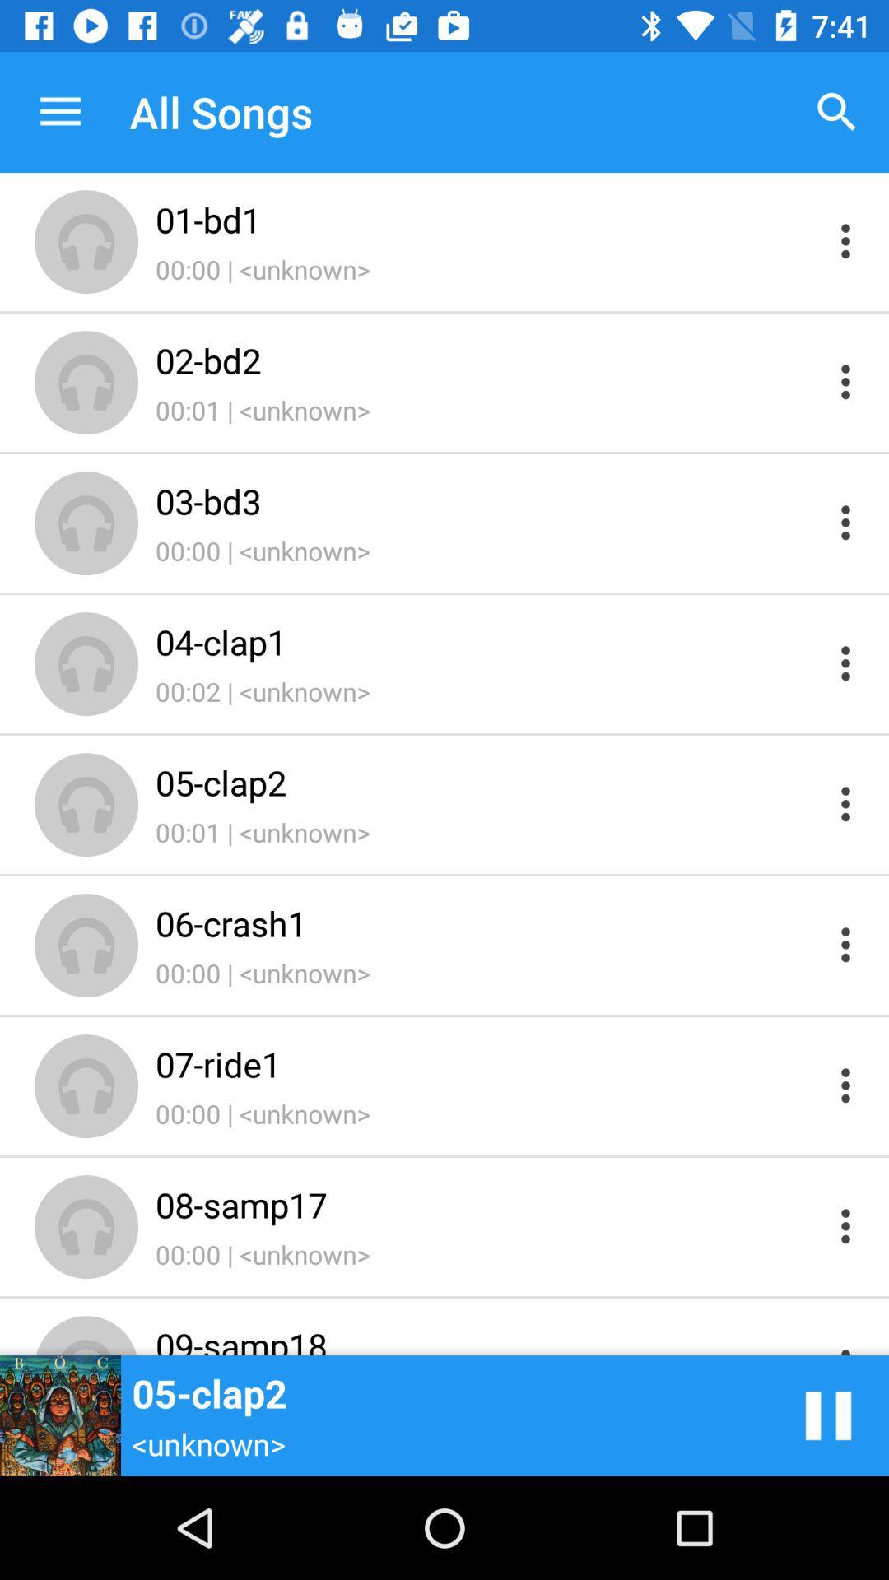  Describe the element at coordinates (845, 804) in the screenshot. I see `open more options` at that location.